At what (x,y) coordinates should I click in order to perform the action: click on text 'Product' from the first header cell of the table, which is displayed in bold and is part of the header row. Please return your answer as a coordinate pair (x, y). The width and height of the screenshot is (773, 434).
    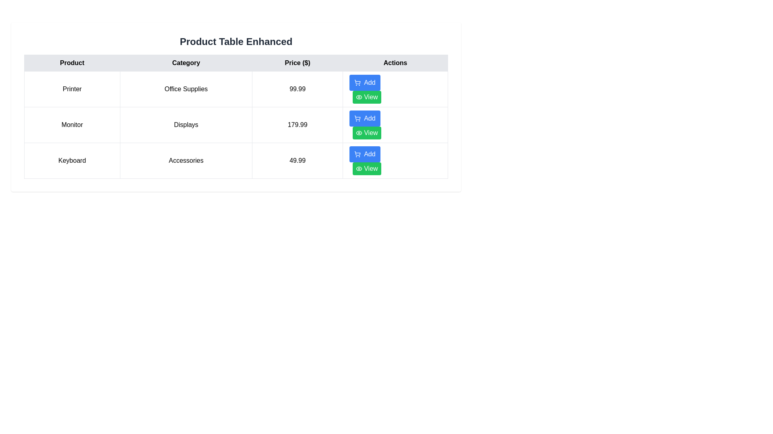
    Looking at the image, I should click on (72, 63).